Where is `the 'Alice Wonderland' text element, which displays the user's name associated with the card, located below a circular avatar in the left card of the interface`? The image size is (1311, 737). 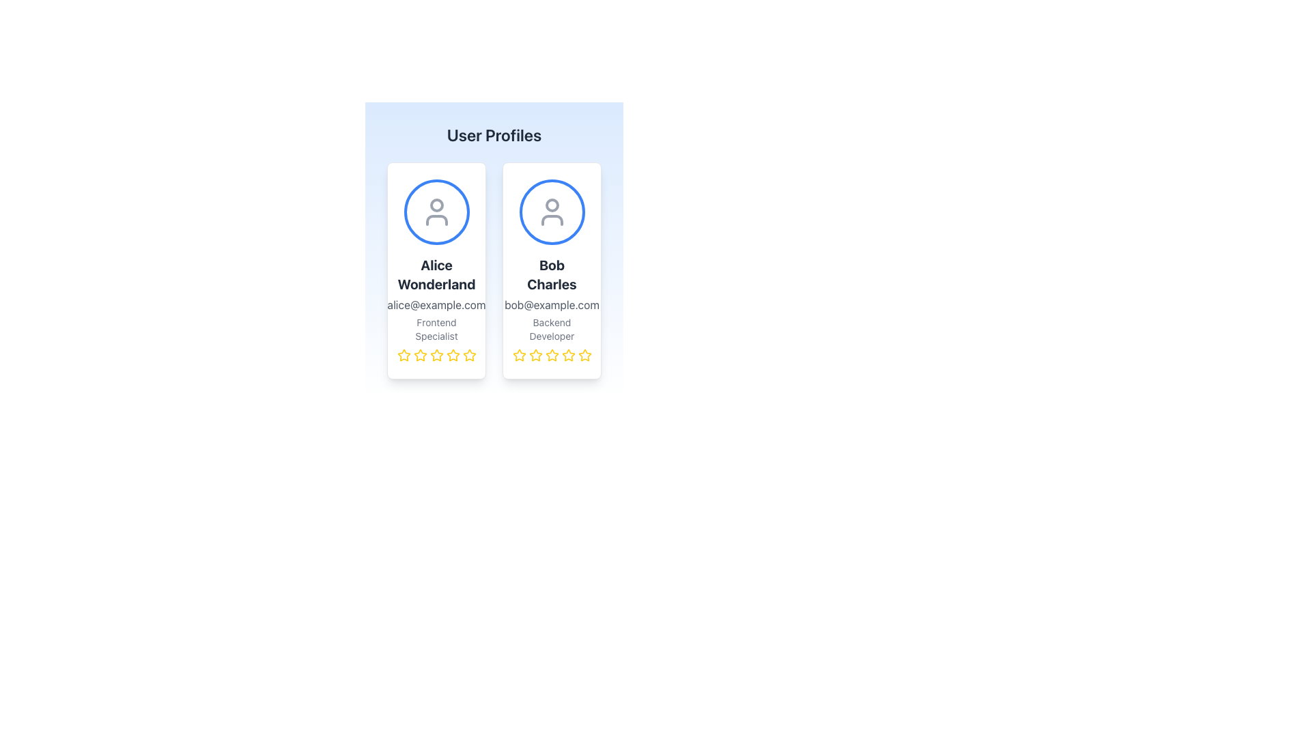 the 'Alice Wonderland' text element, which displays the user's name associated with the card, located below a circular avatar in the left card of the interface is located at coordinates (436, 274).